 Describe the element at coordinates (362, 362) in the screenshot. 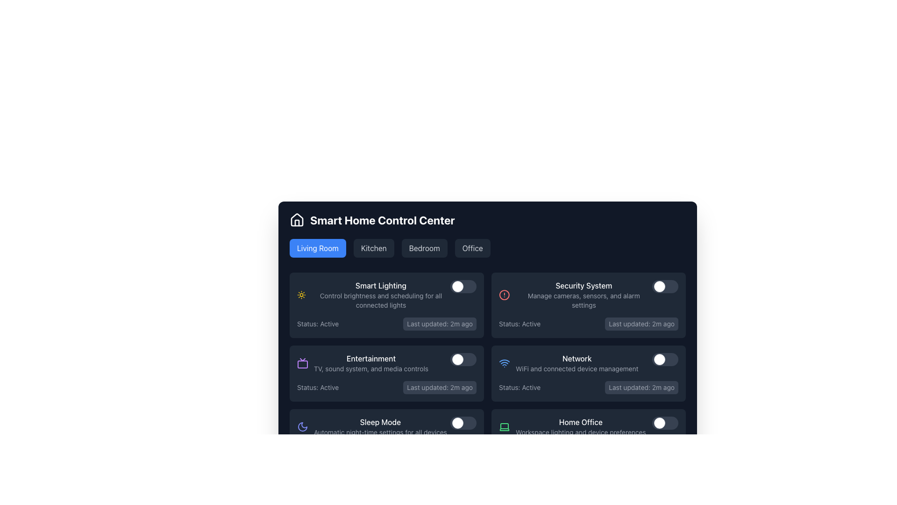

I see `the 'Entertainment' settings informational block located in the second row of the 'Smart Home Control Center' interface` at that location.